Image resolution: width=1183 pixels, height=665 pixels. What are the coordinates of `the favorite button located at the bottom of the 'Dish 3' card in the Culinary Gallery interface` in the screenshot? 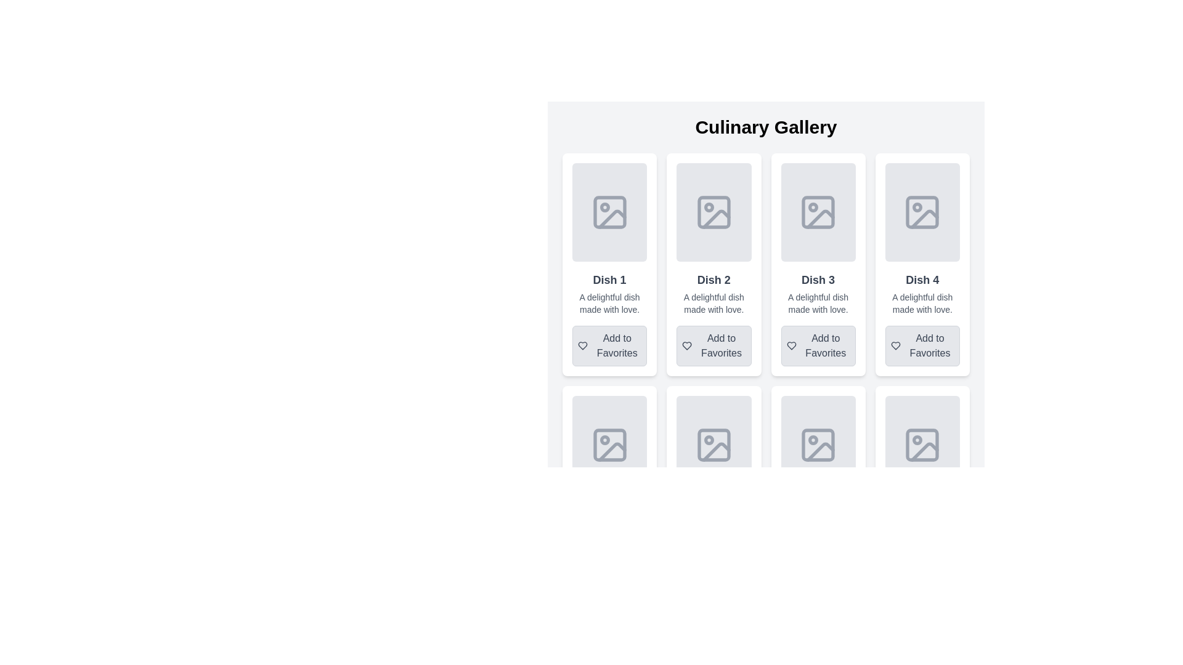 It's located at (818, 346).